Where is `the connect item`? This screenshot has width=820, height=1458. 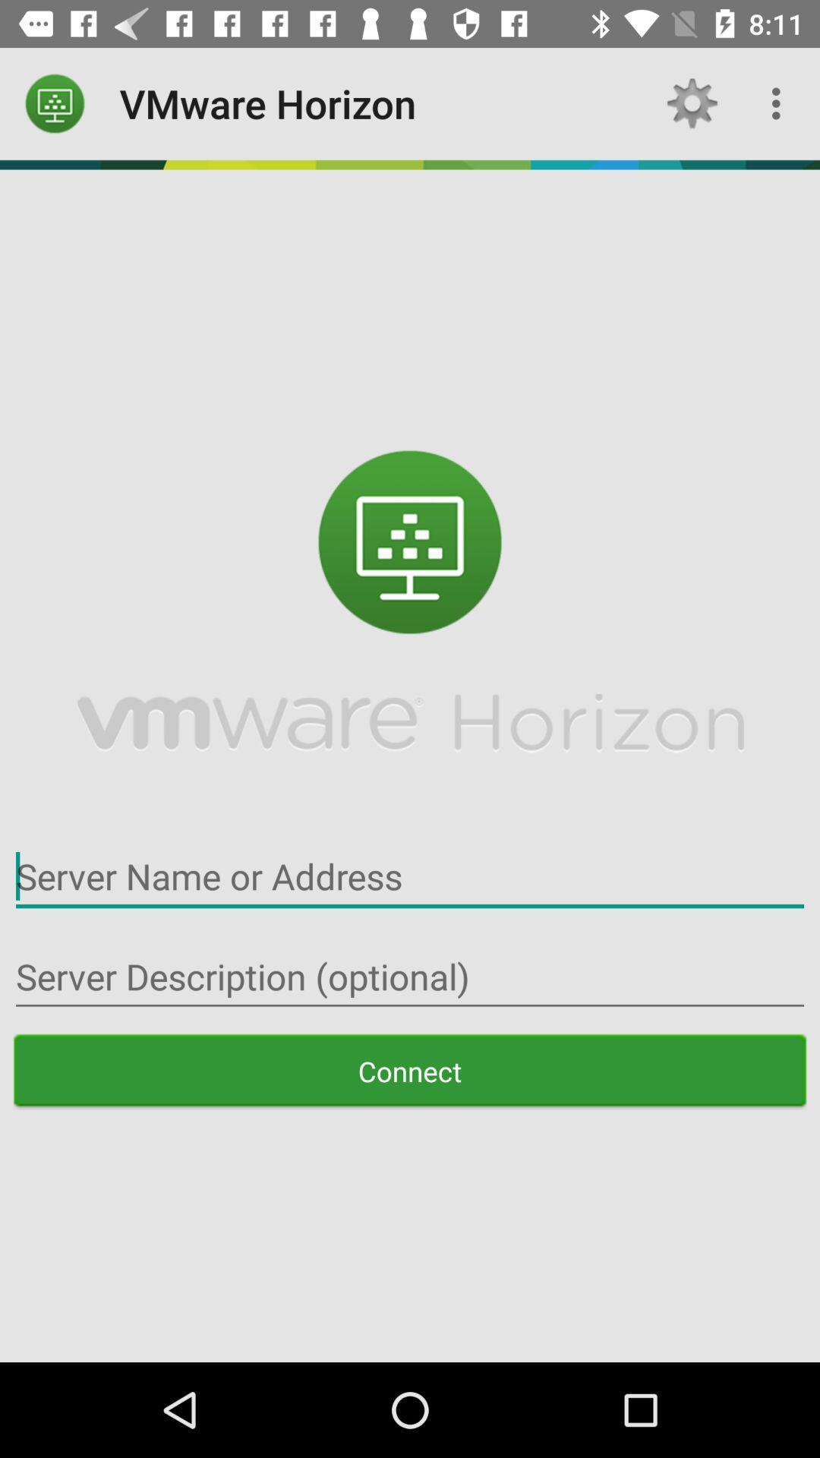
the connect item is located at coordinates (410, 1070).